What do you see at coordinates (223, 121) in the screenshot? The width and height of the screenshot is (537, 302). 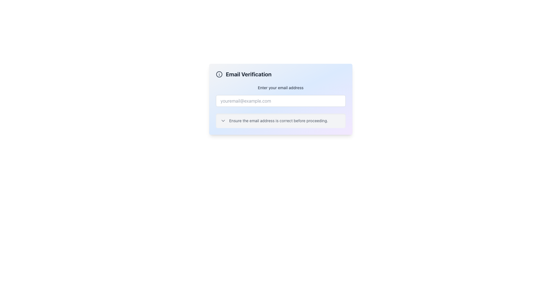 I see `the icon located to the left of the text 'Ensure the email address is correct before proceeding.' This icon serves as a visual indicator or drop-down trigger for additional actions related to the email address message` at bounding box center [223, 121].